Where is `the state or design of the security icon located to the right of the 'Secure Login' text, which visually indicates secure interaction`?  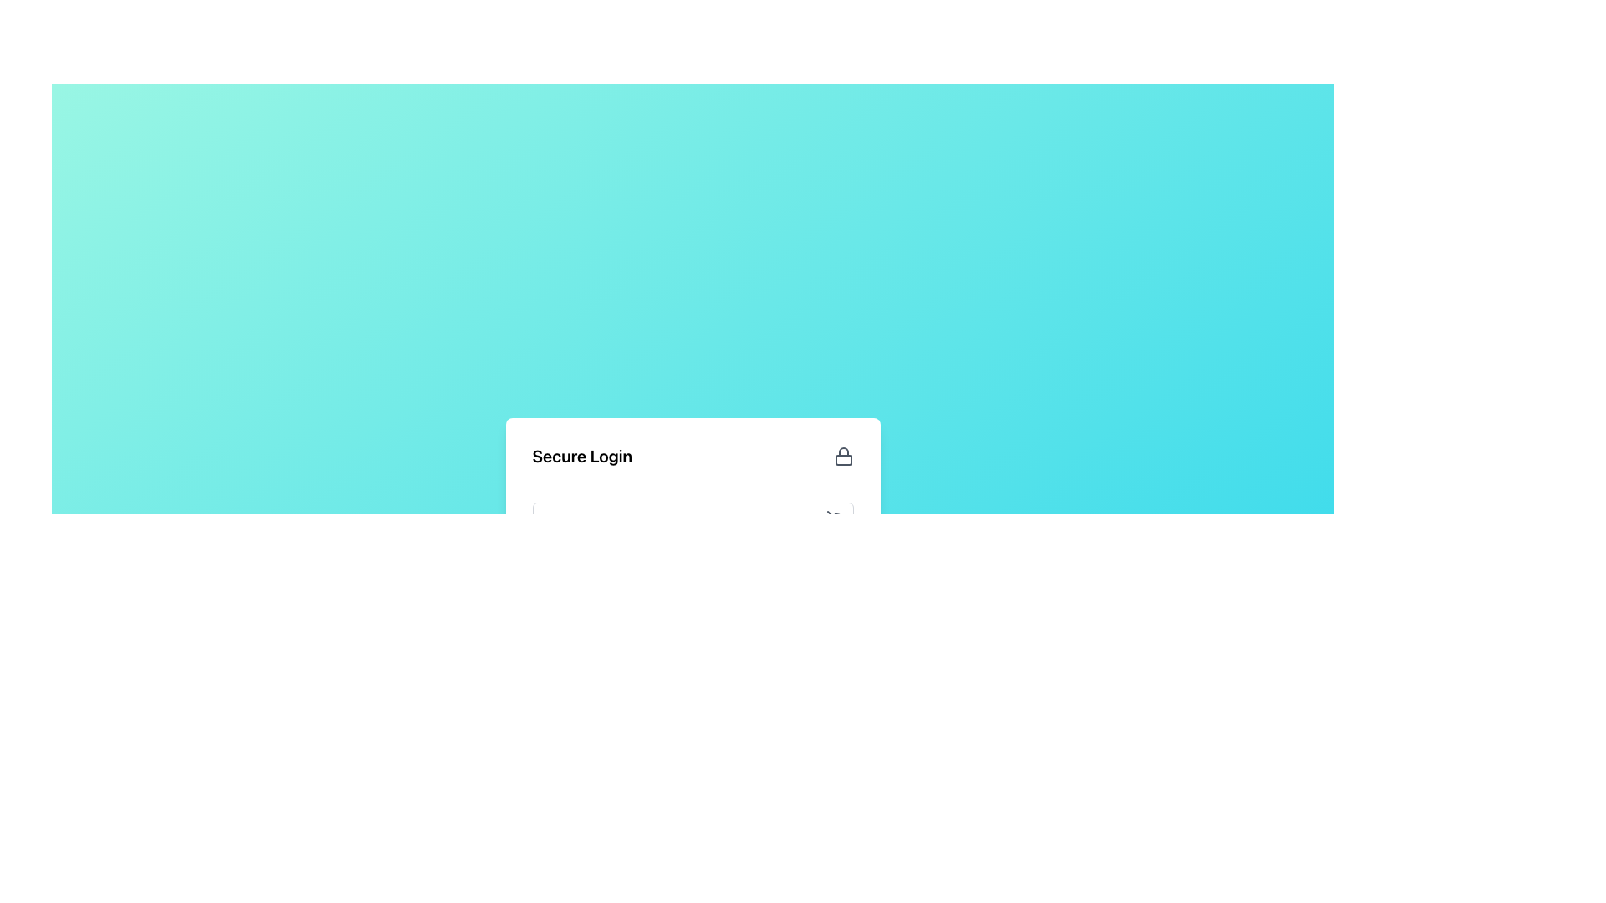
the state or design of the security icon located to the right of the 'Secure Login' text, which visually indicates secure interaction is located at coordinates (843, 456).